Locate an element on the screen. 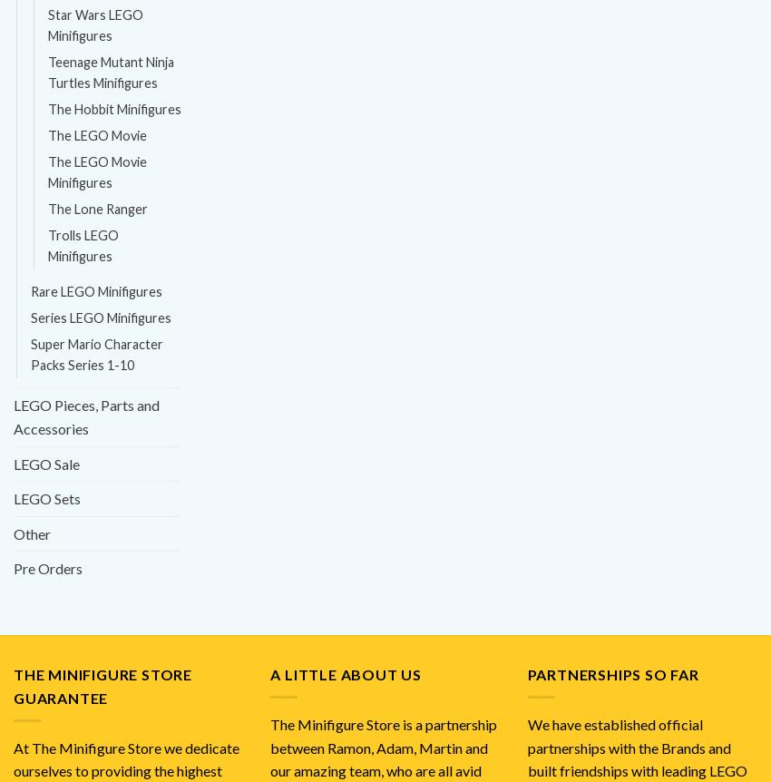 The image size is (771, 782). 'Super Mario Character Packs Series 1-10' is located at coordinates (96, 354).